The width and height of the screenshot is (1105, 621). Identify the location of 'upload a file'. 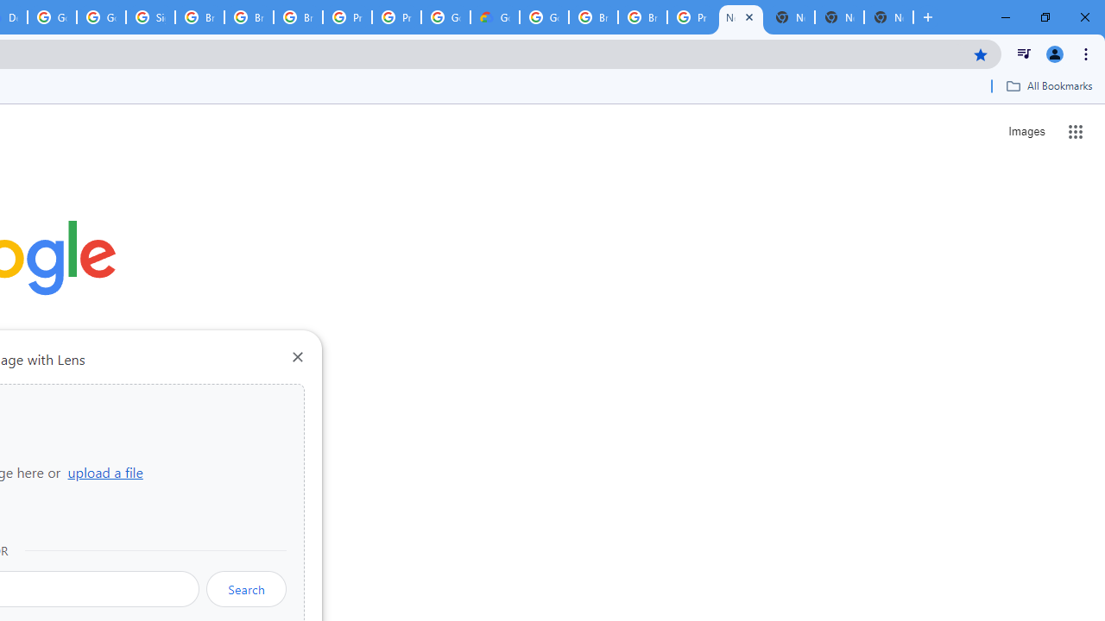
(104, 472).